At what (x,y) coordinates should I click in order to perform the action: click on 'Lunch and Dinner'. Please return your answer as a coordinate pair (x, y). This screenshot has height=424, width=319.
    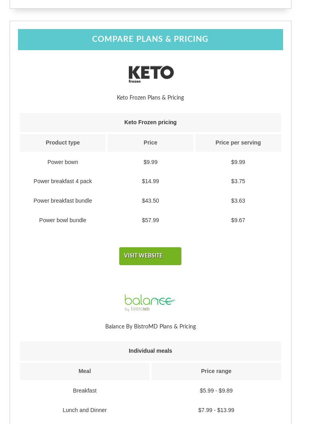
    Looking at the image, I should click on (85, 410).